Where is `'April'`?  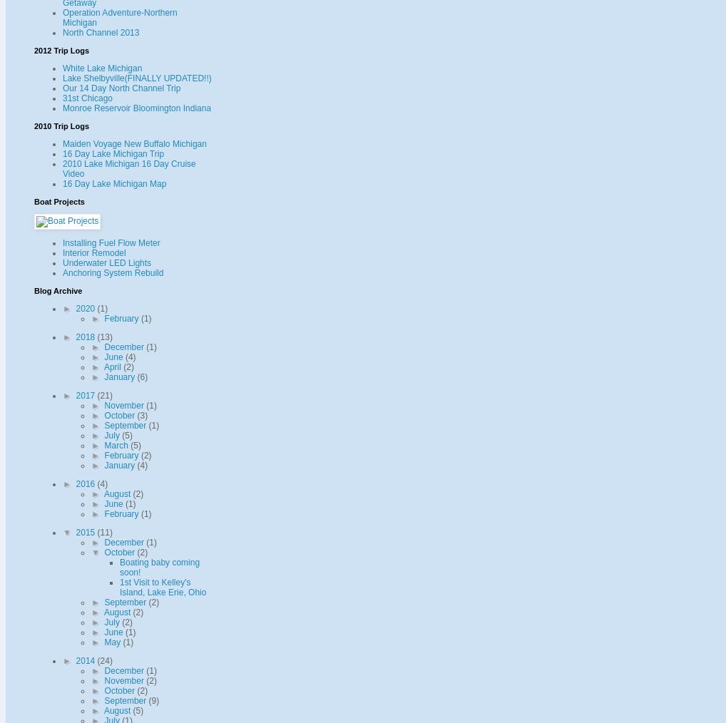
'April' is located at coordinates (113, 365).